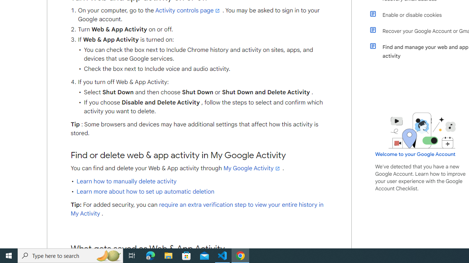 This screenshot has height=263, width=469. What do you see at coordinates (126, 181) in the screenshot?
I see `'Learn how to manually delete activity'` at bounding box center [126, 181].